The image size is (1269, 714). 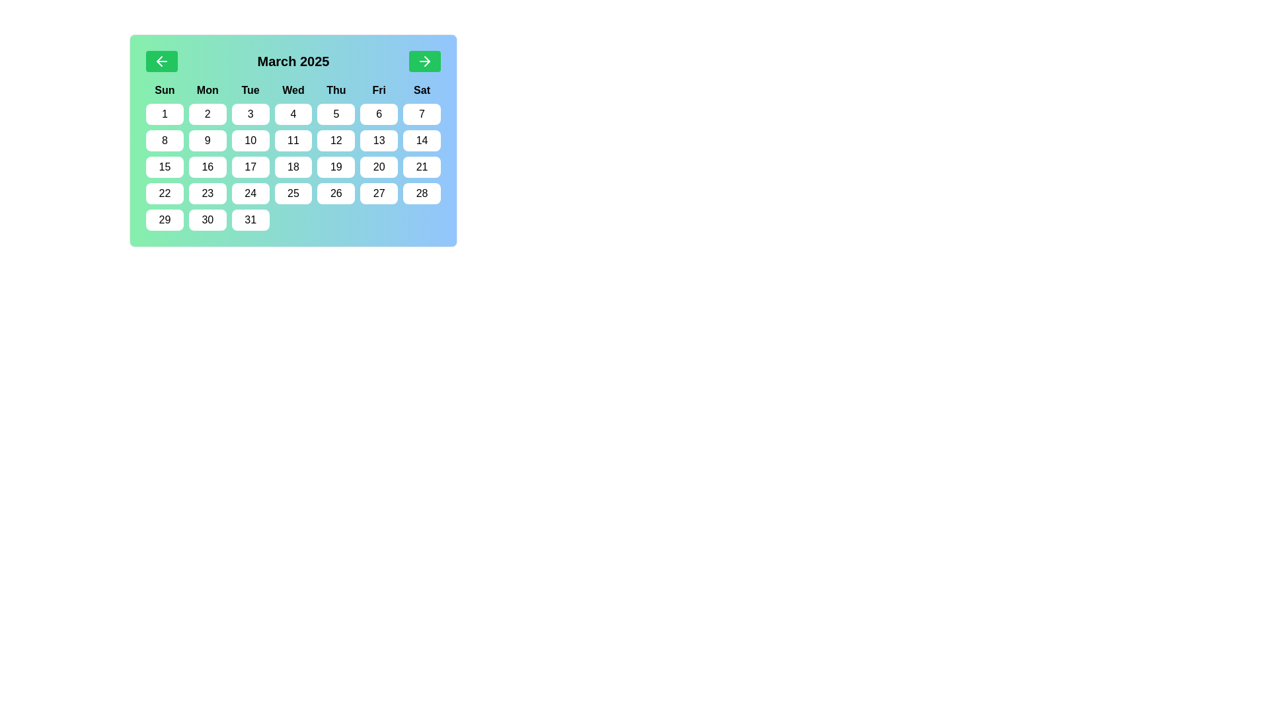 What do you see at coordinates (250, 90) in the screenshot?
I see `the static text label indicating 'Tuesday', which is the third item from the left in the row of weekday labels near the top of the calendar layout` at bounding box center [250, 90].